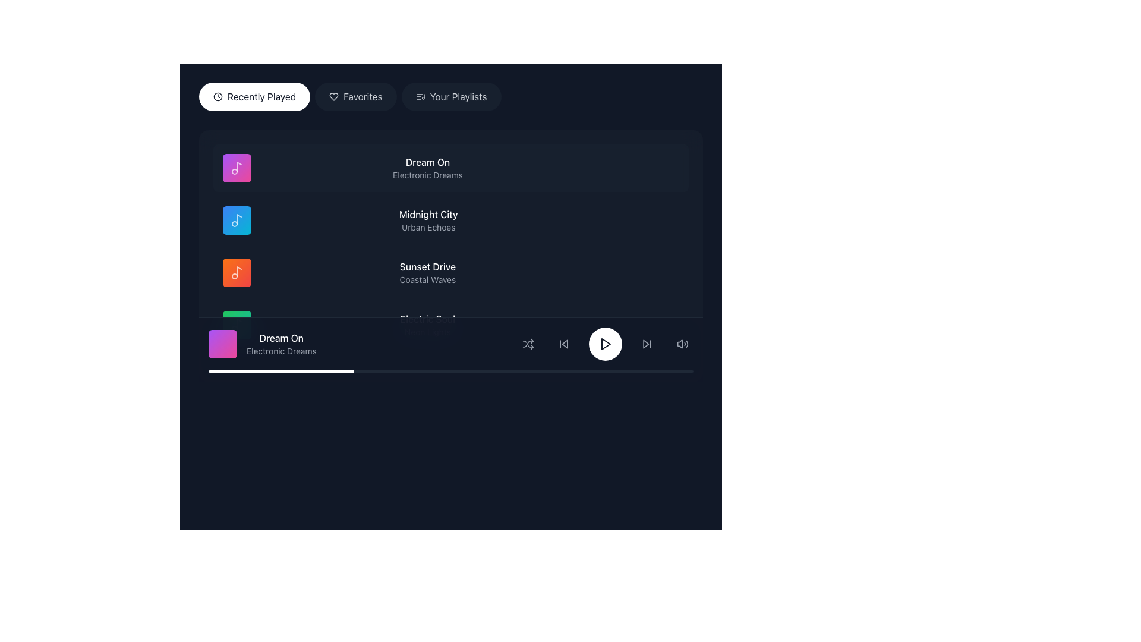 The height and width of the screenshot is (642, 1141). Describe the element at coordinates (527, 344) in the screenshot. I see `the circular button with a gray icon of two intersecting arrows located on the right side of the playback control bar` at that location.